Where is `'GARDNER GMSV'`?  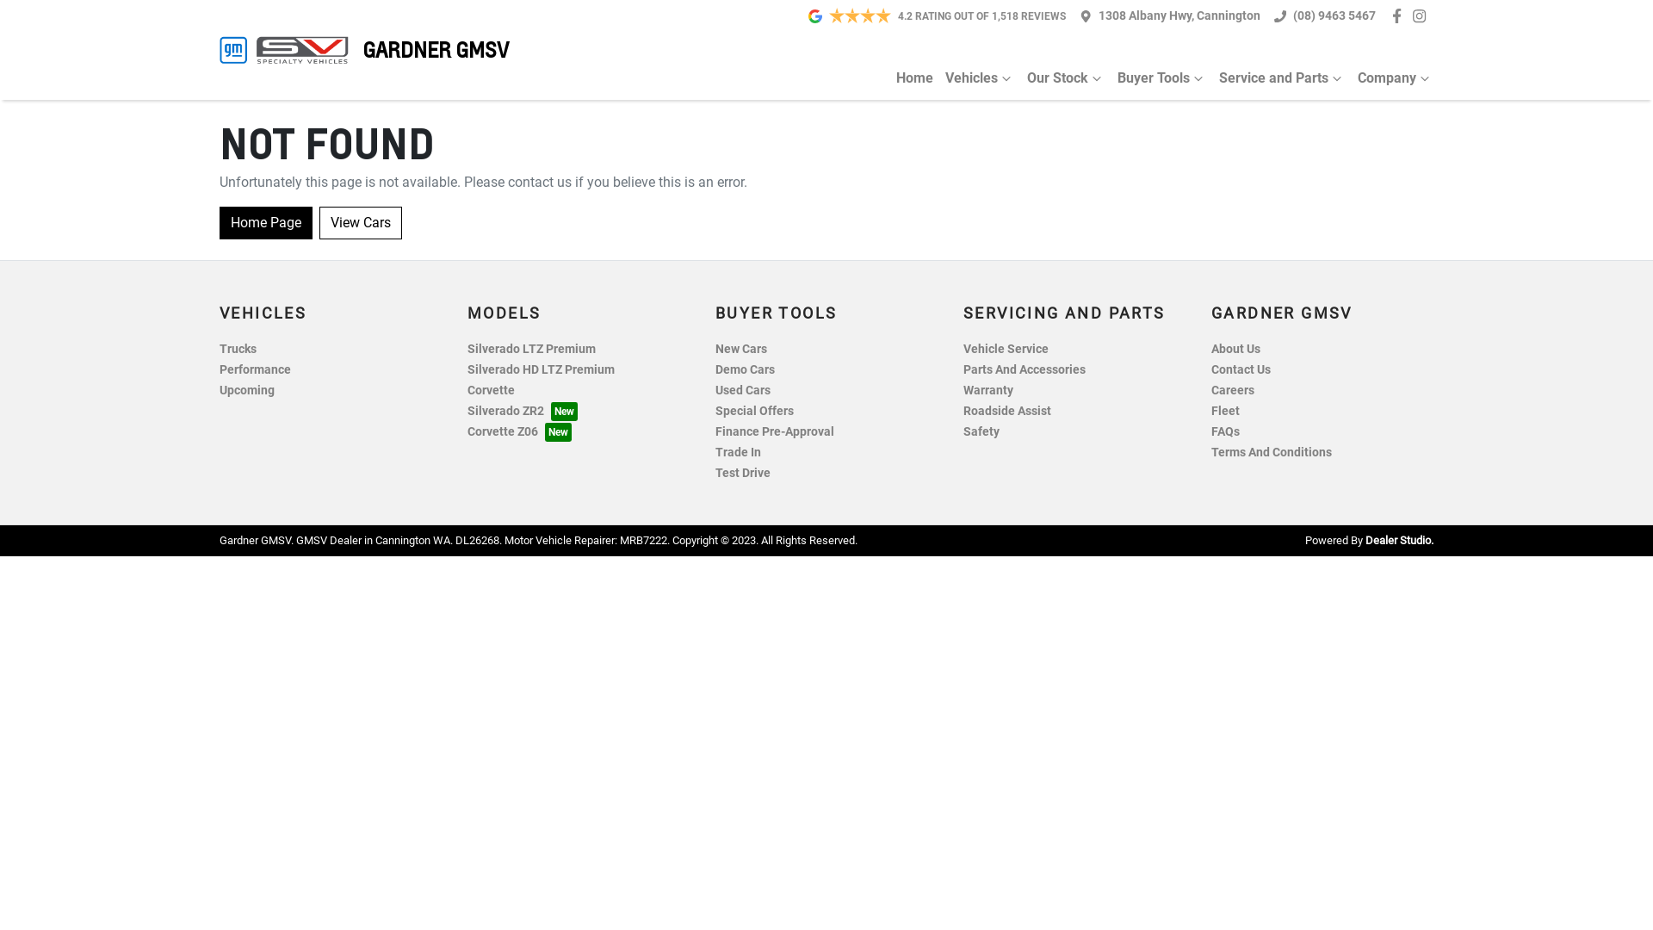 'GARDNER GMSV' is located at coordinates (218, 48).